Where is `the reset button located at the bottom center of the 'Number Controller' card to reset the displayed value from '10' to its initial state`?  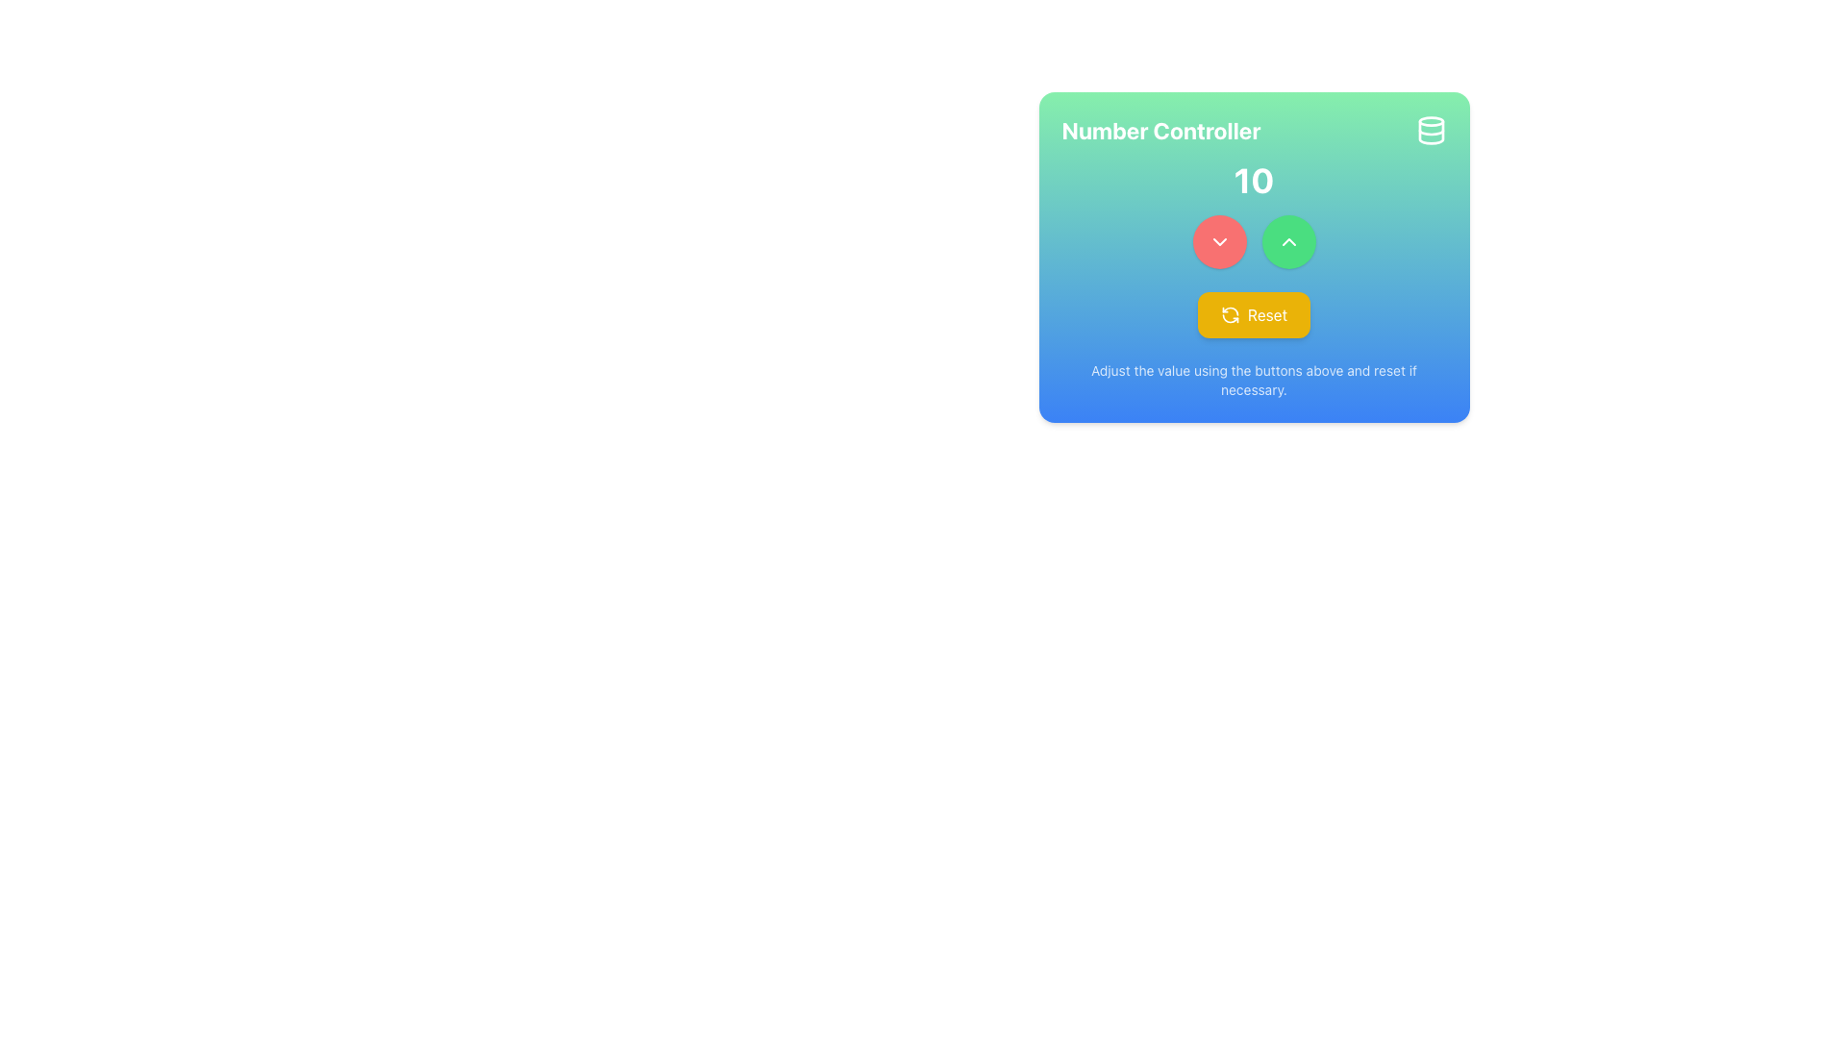
the reset button located at the bottom center of the 'Number Controller' card to reset the displayed value from '10' to its initial state is located at coordinates (1254, 313).